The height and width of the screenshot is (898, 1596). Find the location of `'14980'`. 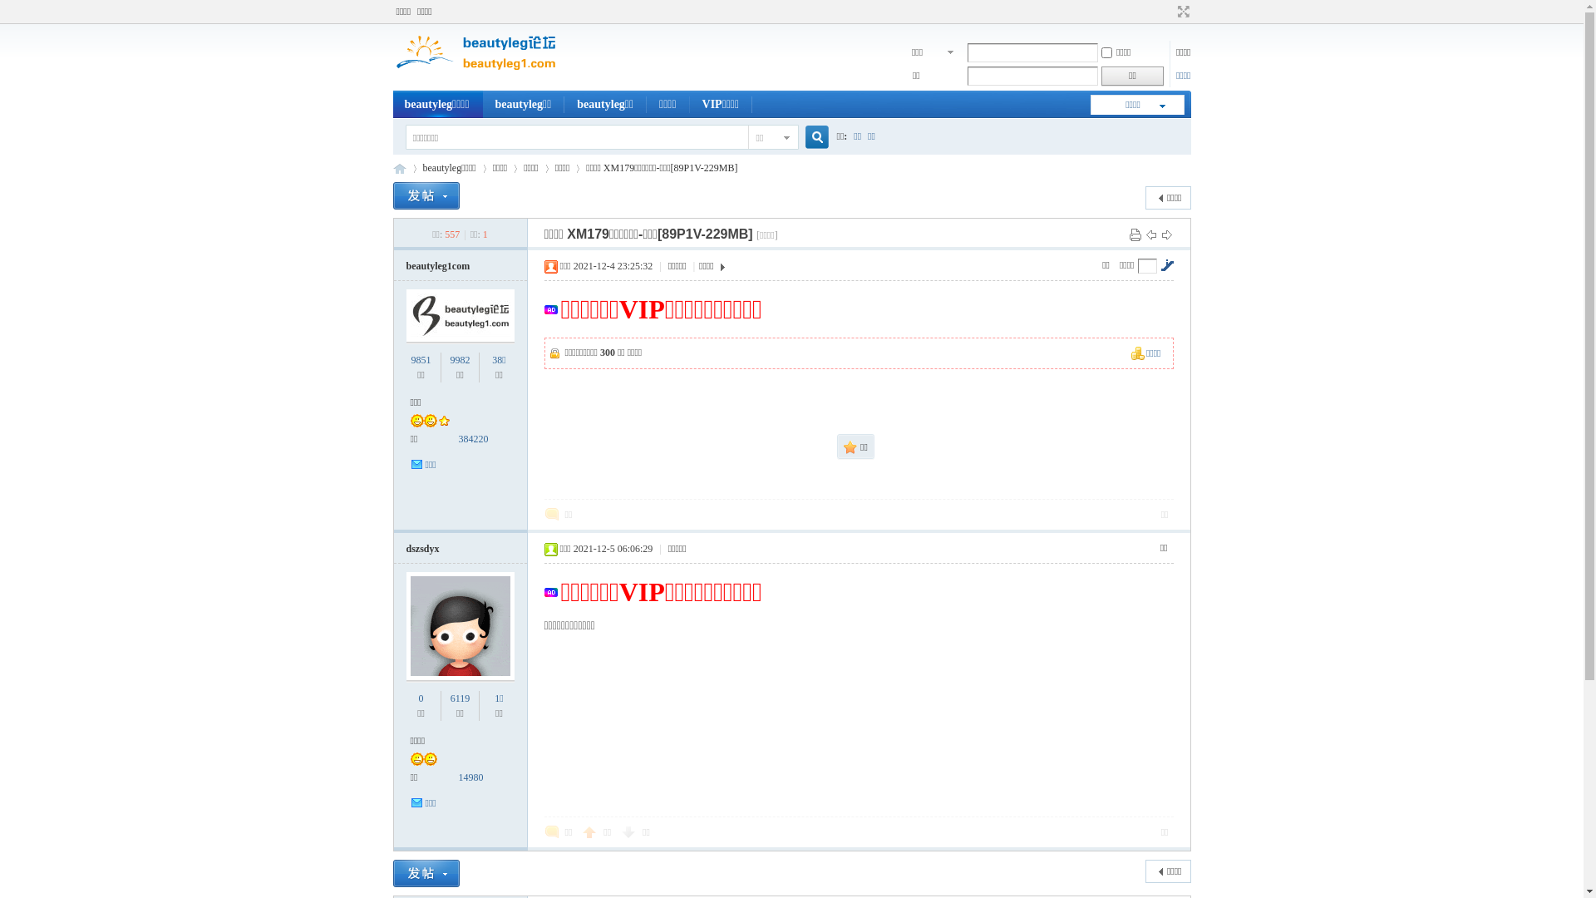

'14980' is located at coordinates (459, 777).